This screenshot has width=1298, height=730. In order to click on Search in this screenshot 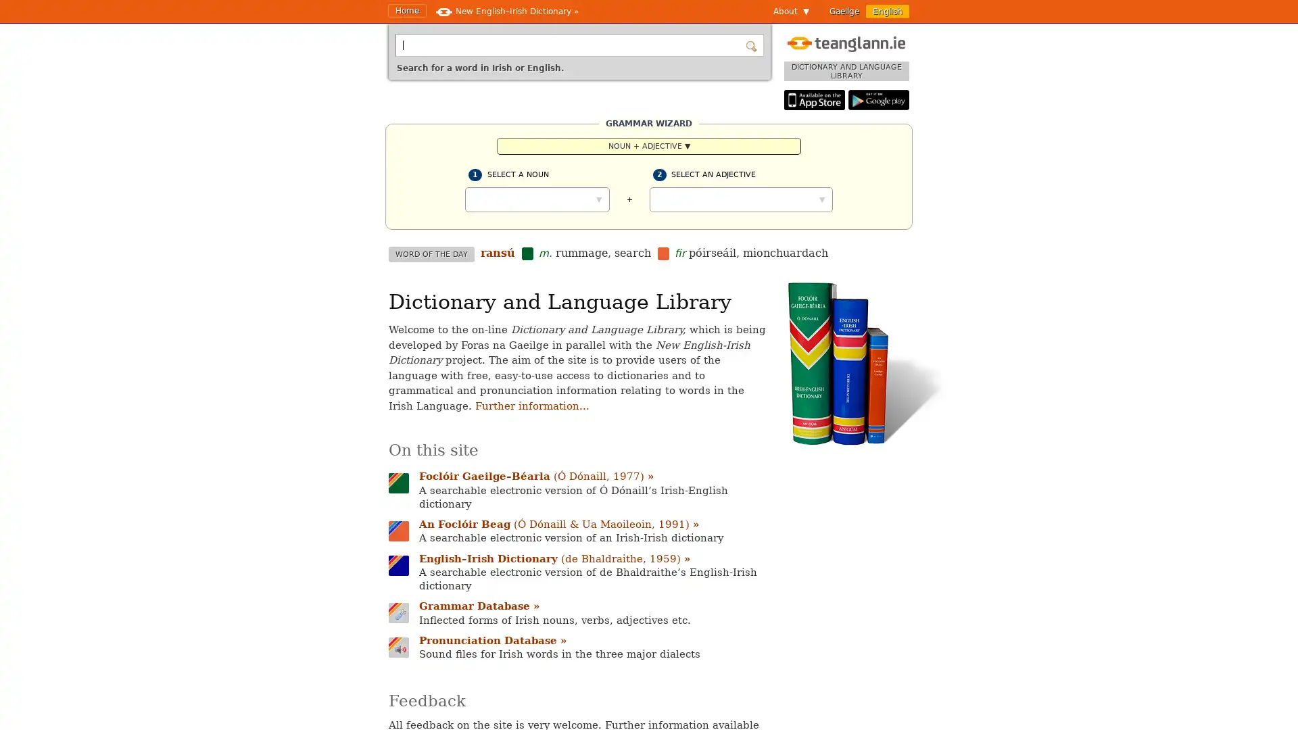, I will do `click(752, 44)`.